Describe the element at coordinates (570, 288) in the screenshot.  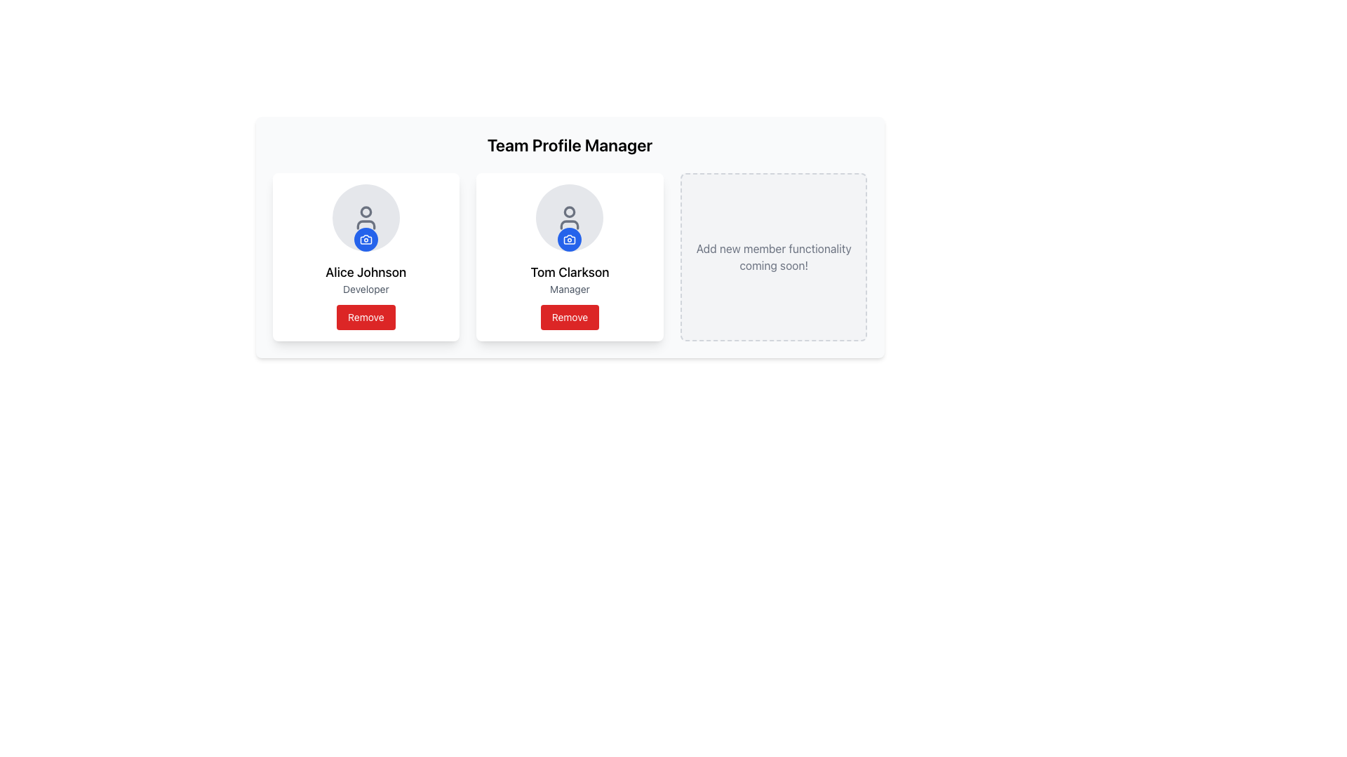
I see `the text label reading 'Manager' which is styled with a small font size and gray color, located within the card for 'Tom Clarkson', positioned directly below the name and above the 'Remove' button` at that location.